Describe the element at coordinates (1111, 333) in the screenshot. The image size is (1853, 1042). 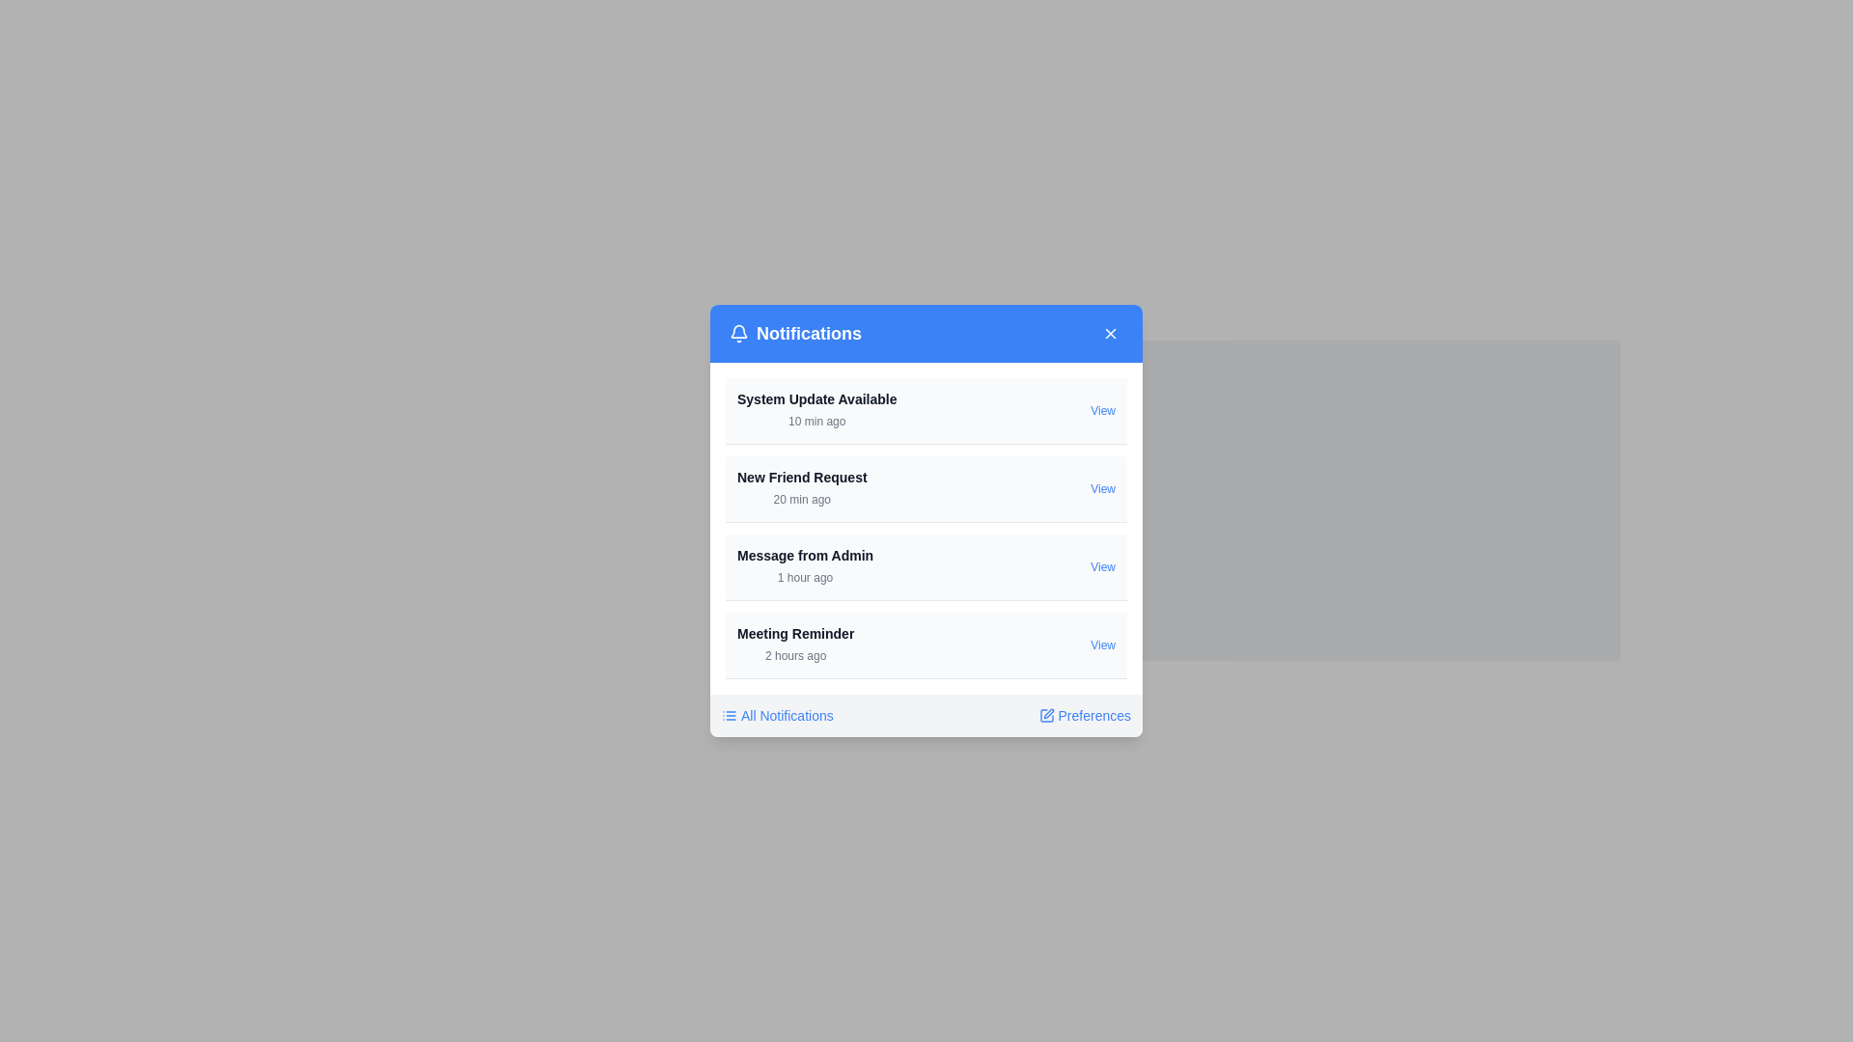
I see `the close action icon button, which is a small cross-shaped icon located in the top-right corner of the notifications panel` at that location.